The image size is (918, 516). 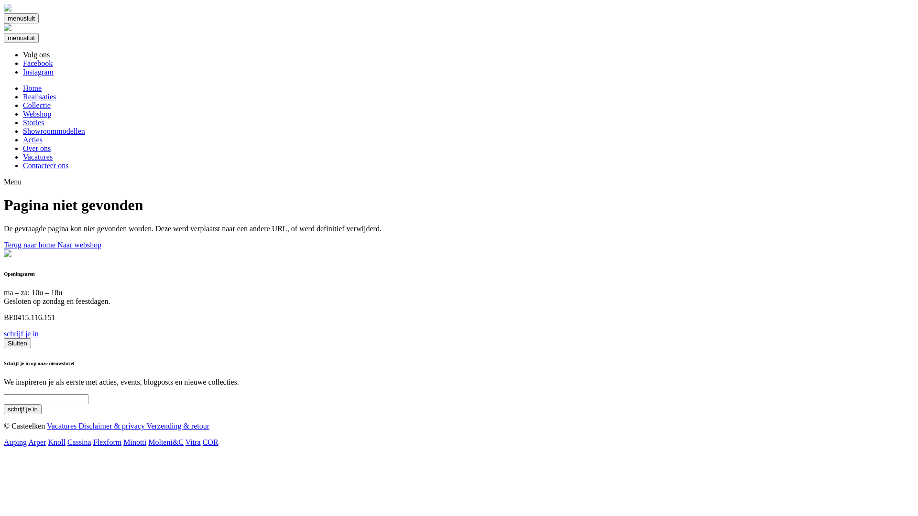 I want to click on 'Home', so click(x=32, y=88).